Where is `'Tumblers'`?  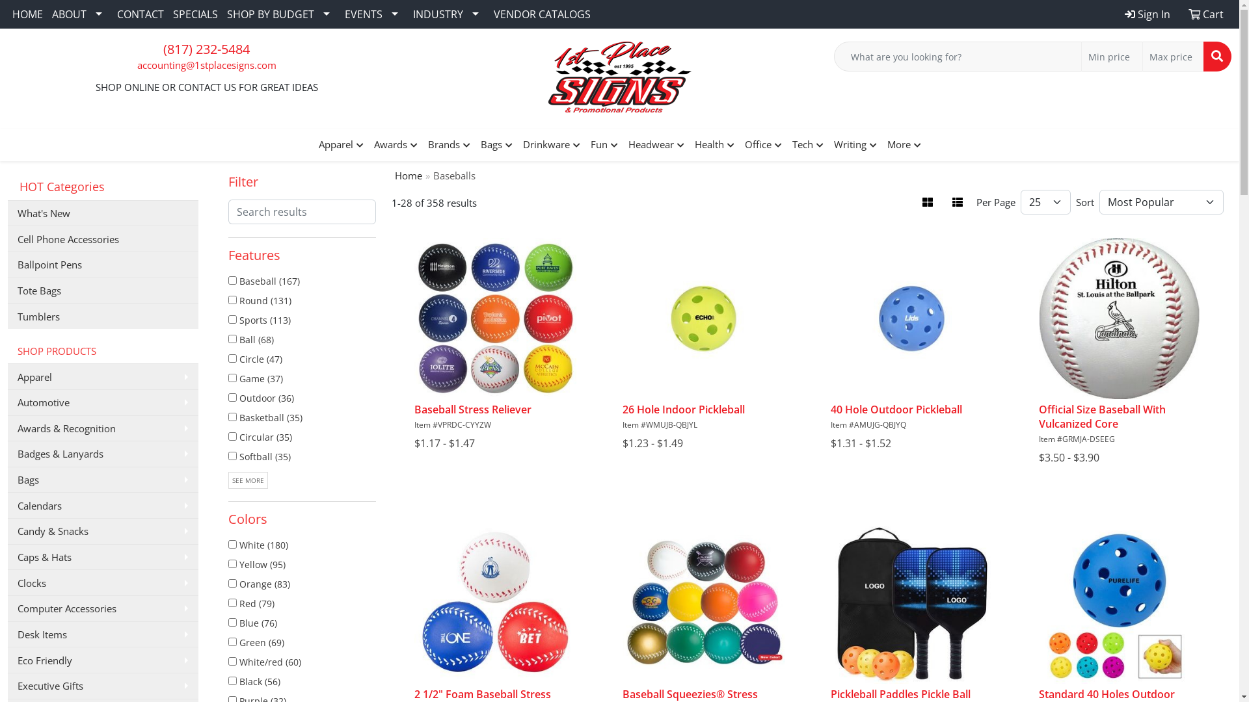 'Tumblers' is located at coordinates (102, 316).